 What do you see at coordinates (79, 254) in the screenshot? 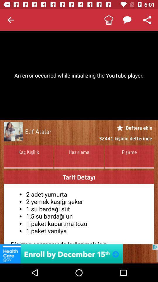
I see `advertisement` at bounding box center [79, 254].